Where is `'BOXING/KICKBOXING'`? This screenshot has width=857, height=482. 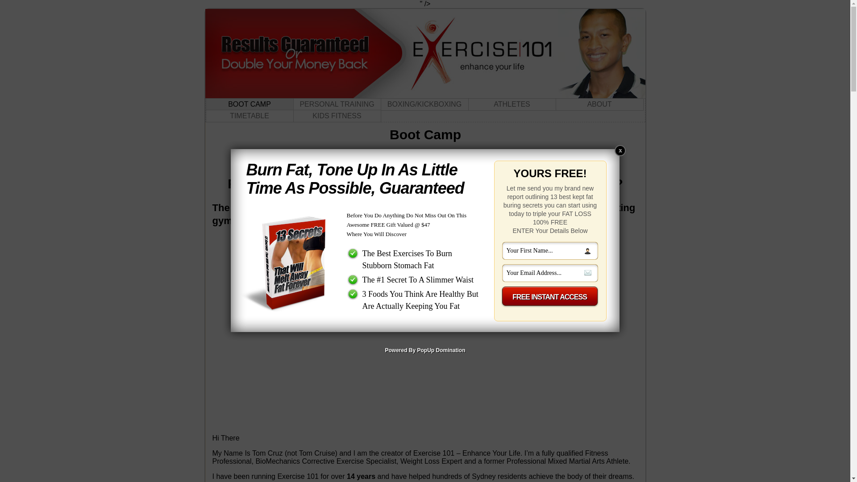 'BOXING/KICKBOXING' is located at coordinates (424, 104).